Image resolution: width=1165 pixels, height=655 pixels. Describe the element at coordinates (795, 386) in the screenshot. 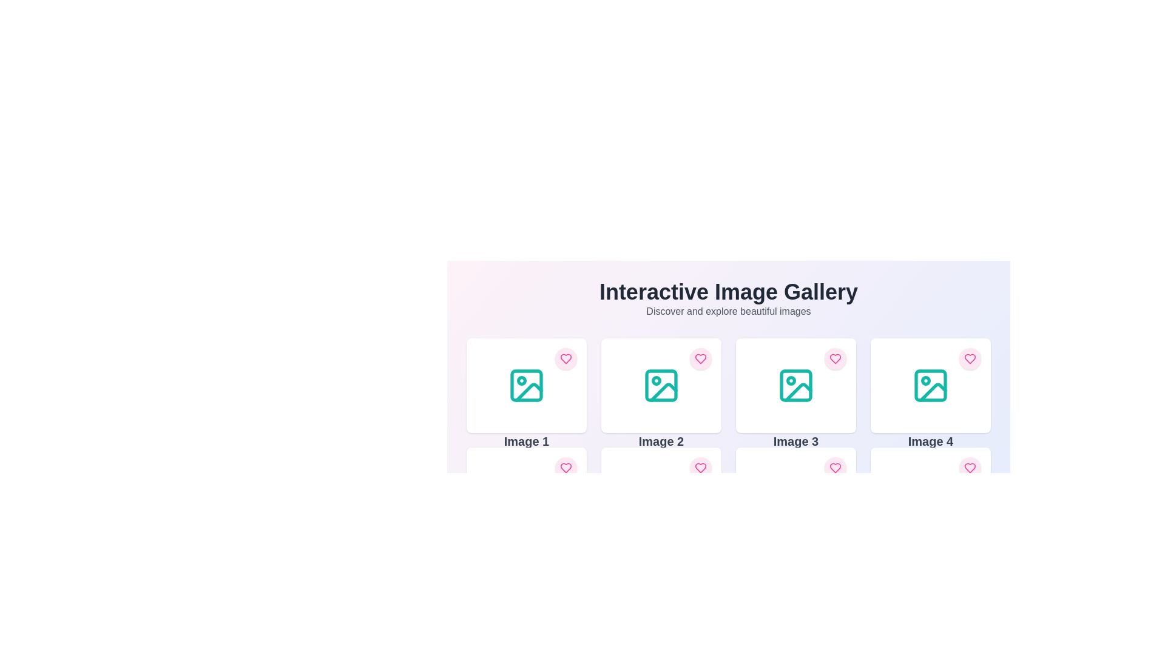

I see `the image placeholder icon located in the third column of the grid, under the label 'Image 3'` at that location.